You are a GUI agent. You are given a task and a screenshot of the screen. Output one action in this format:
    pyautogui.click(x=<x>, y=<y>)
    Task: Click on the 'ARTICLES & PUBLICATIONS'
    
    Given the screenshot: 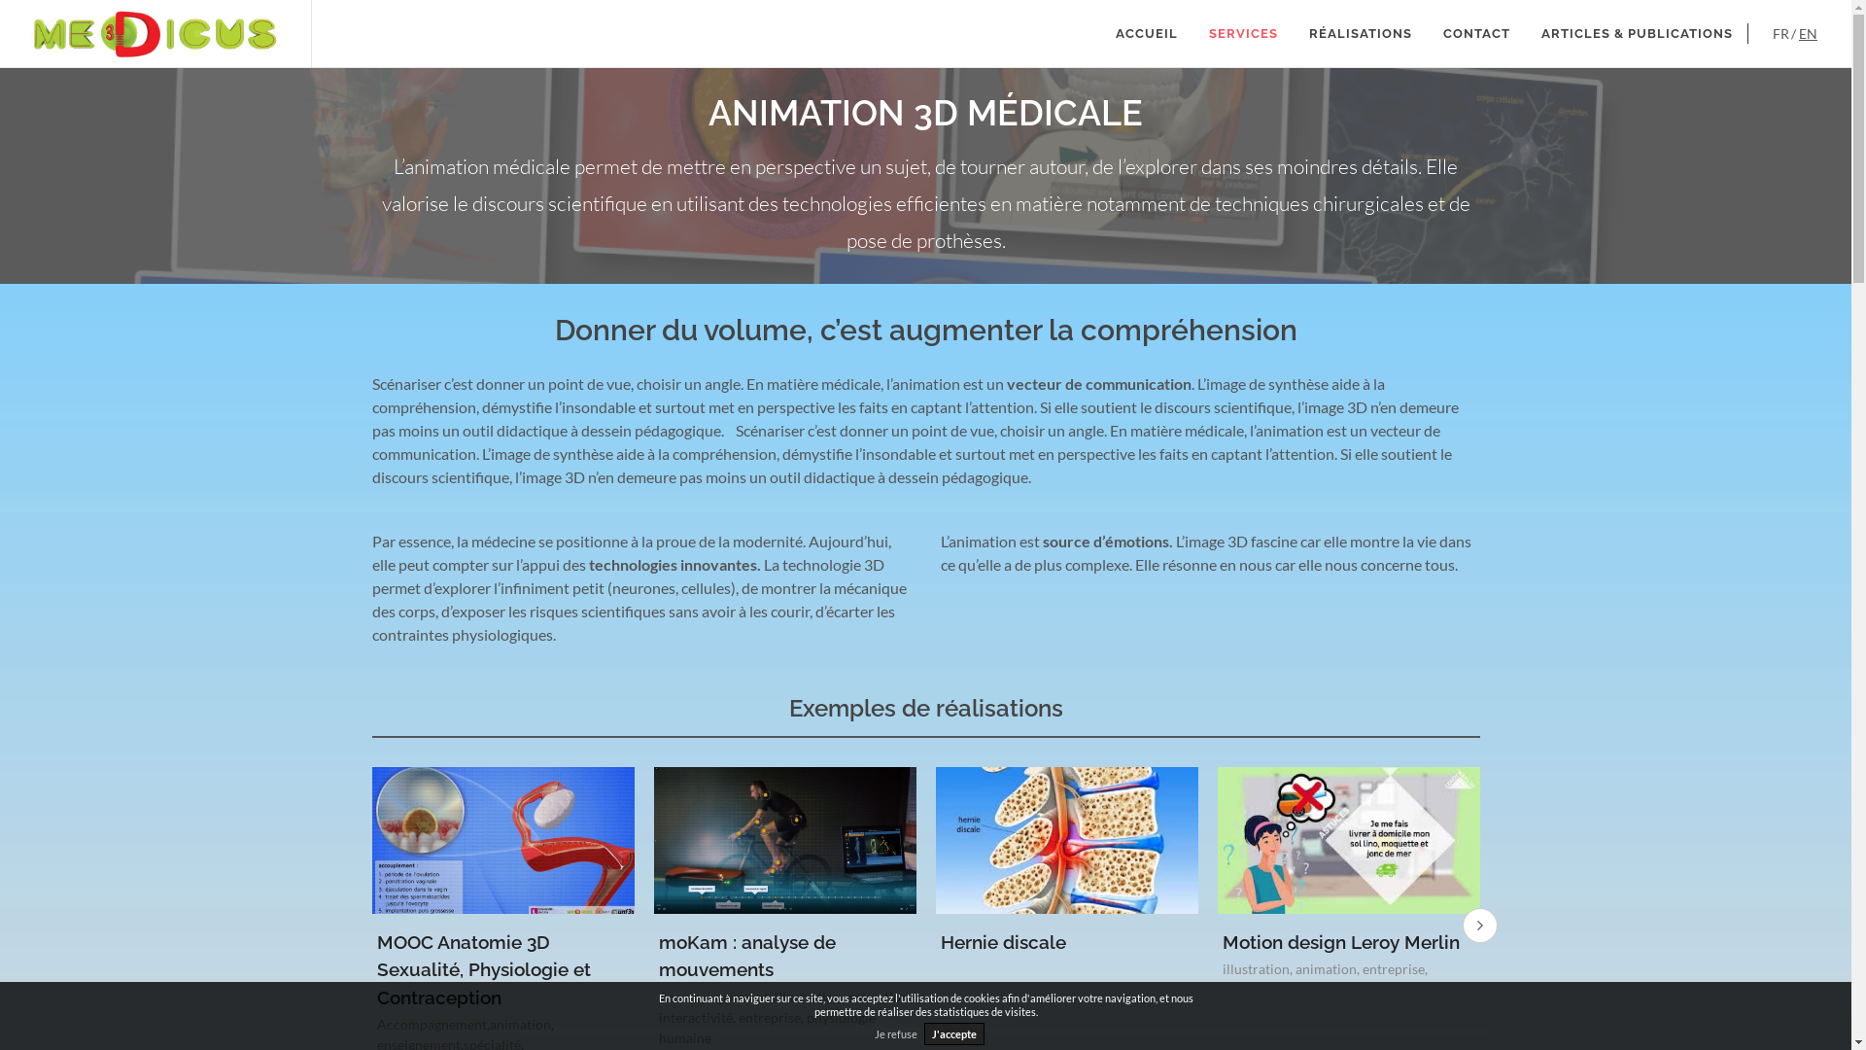 What is the action you would take?
    pyautogui.click(x=1525, y=33)
    